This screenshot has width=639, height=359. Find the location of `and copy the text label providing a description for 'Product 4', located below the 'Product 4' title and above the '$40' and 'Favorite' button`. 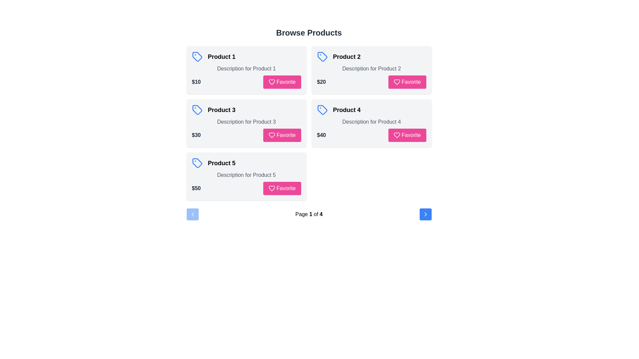

and copy the text label providing a description for 'Product 4', located below the 'Product 4' title and above the '$40' and 'Favorite' button is located at coordinates (371, 122).